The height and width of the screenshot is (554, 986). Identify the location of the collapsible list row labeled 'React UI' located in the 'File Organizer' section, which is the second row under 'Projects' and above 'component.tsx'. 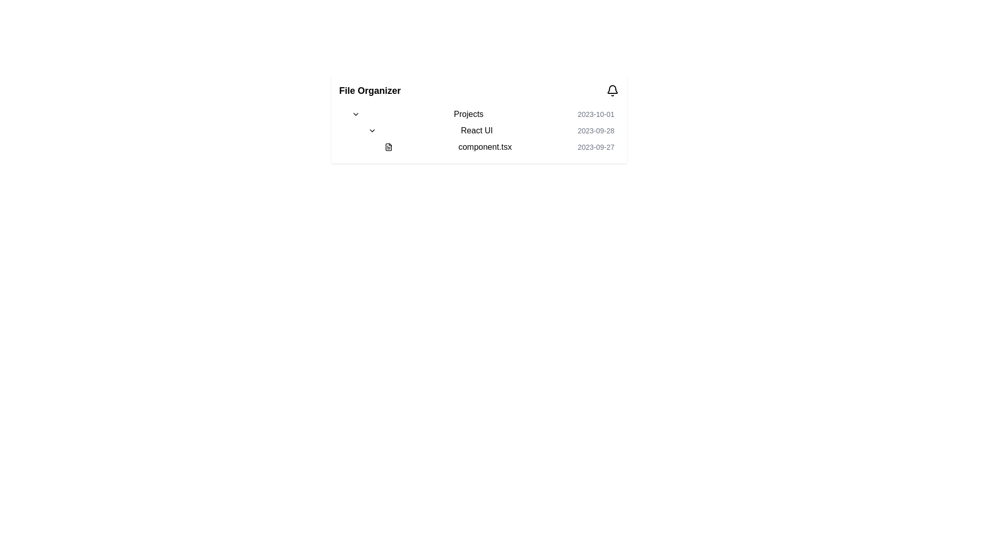
(482, 130).